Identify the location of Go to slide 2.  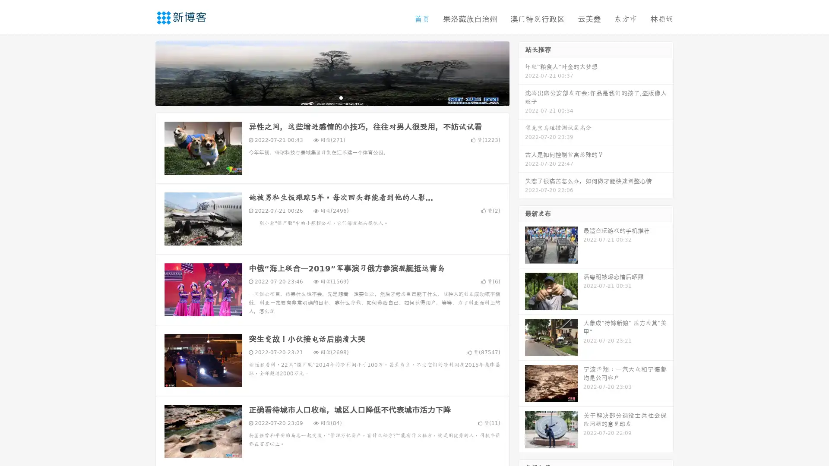
(332, 97).